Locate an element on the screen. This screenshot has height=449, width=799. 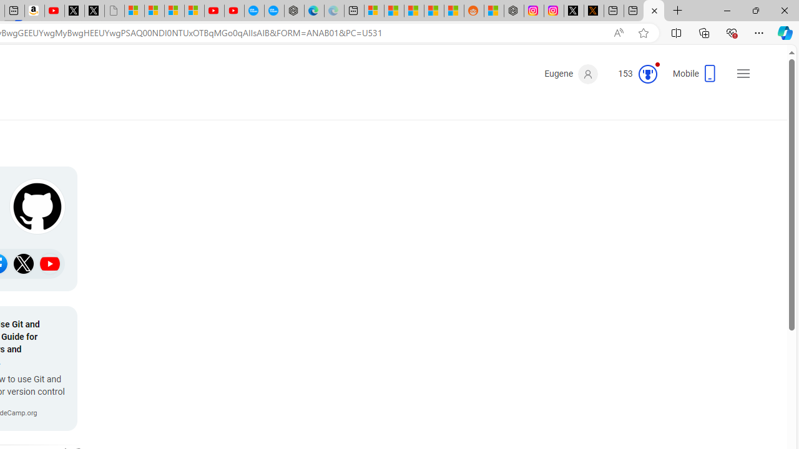
'The most popular Google ' is located at coordinates (273, 11).